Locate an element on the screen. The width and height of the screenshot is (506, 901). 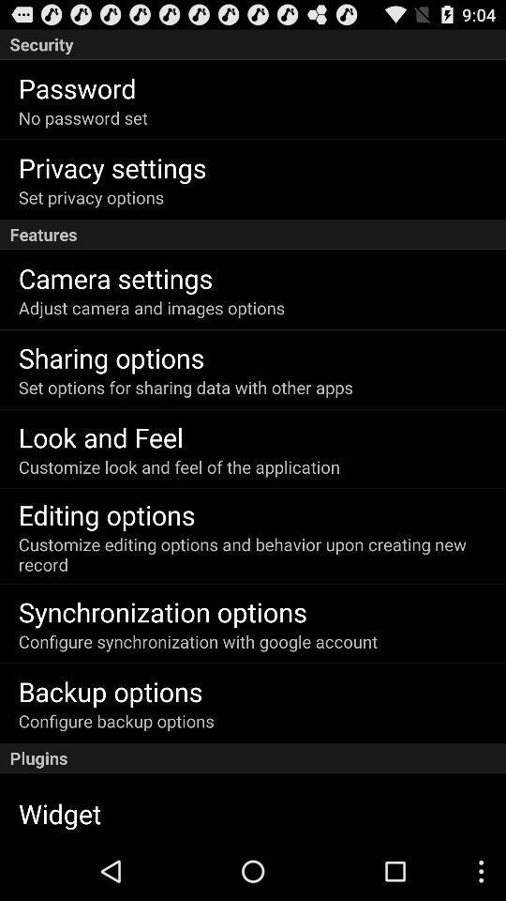
widget item is located at coordinates (60, 812).